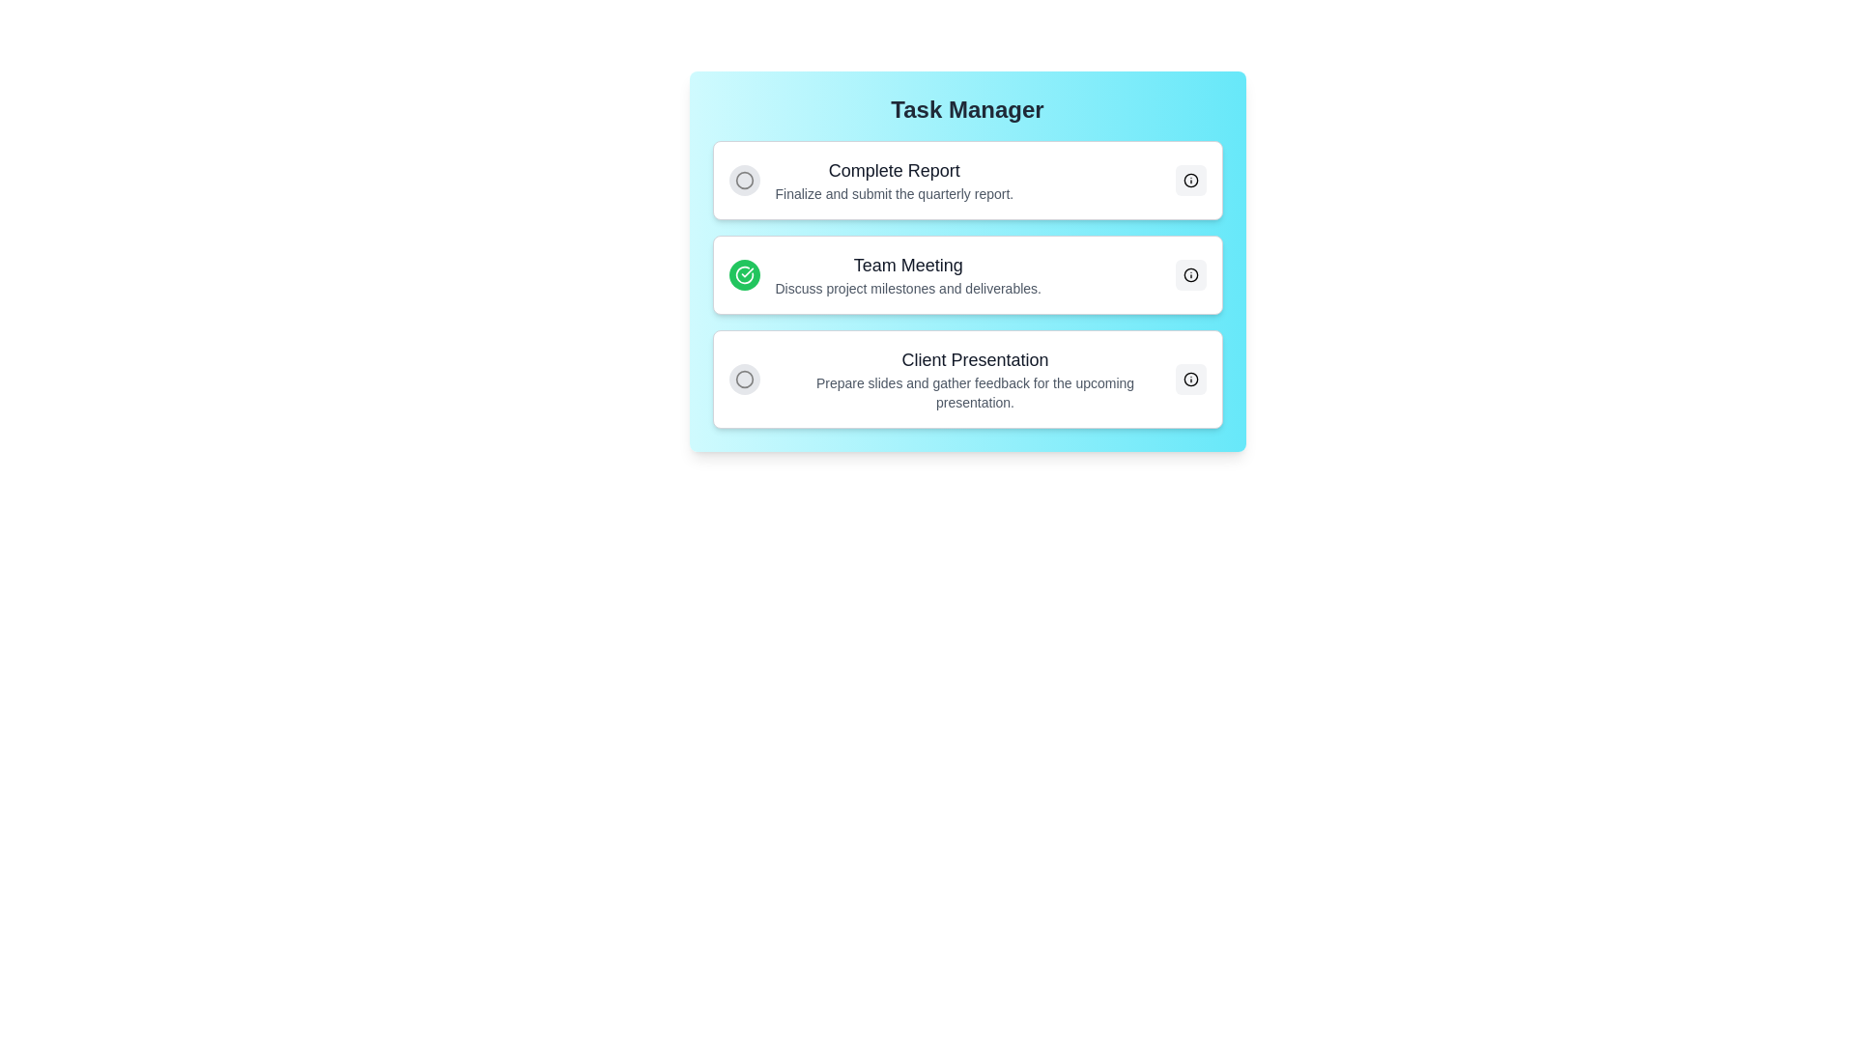  Describe the element at coordinates (907, 275) in the screenshot. I see `task details from the 'Team Meeting' text block element, which includes the title and description, located in the center of the interface within a card-like structure` at that location.